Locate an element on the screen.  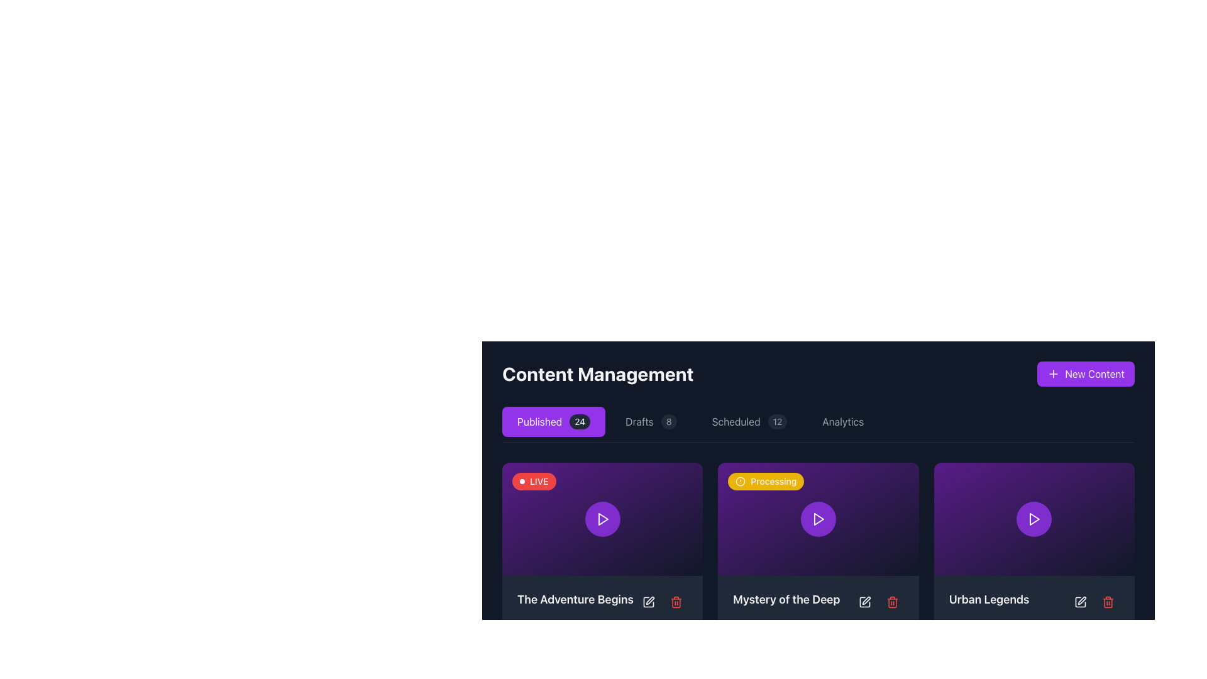
the action buttons in the bottom-right corner of the Urban Legends card is located at coordinates (1094, 600).